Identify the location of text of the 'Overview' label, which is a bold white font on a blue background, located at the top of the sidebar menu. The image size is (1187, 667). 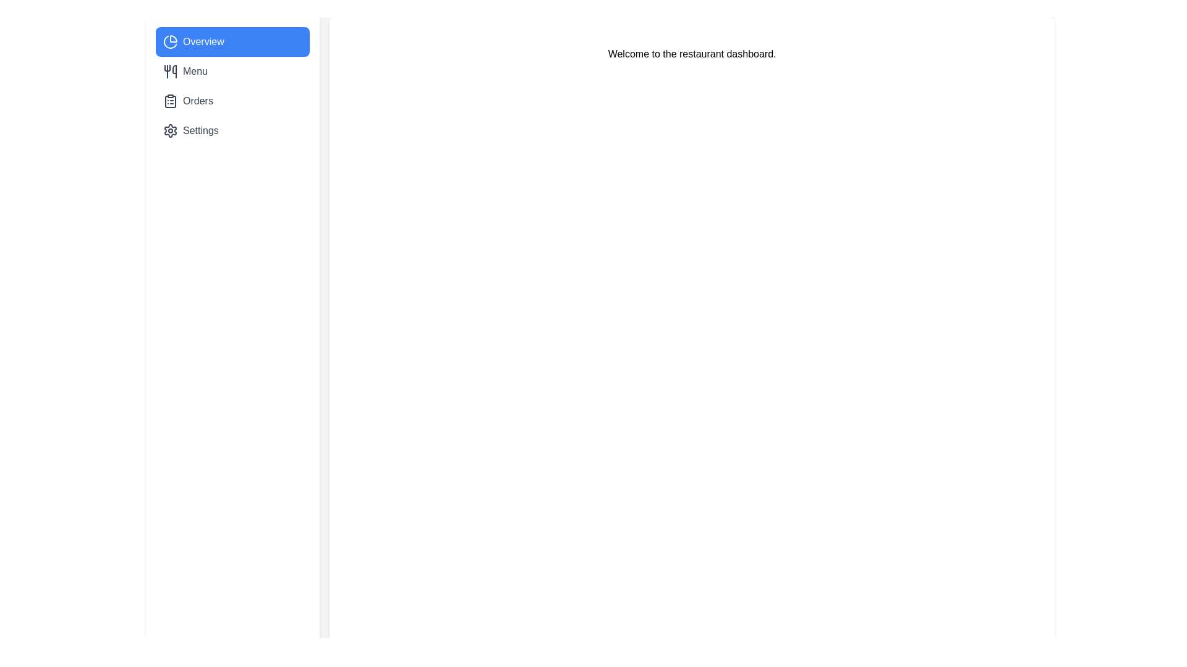
(203, 41).